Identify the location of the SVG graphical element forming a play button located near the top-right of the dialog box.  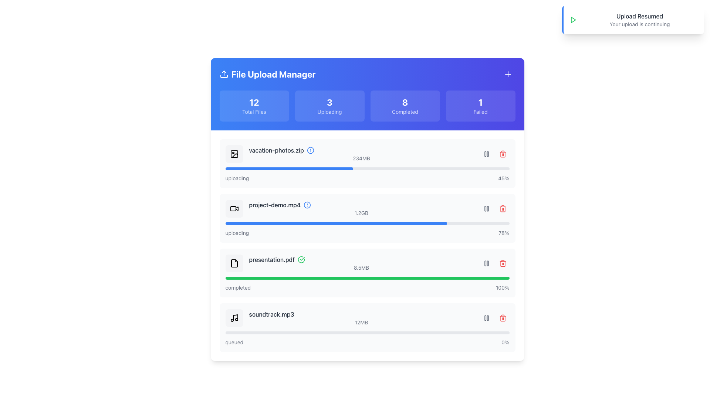
(573, 20).